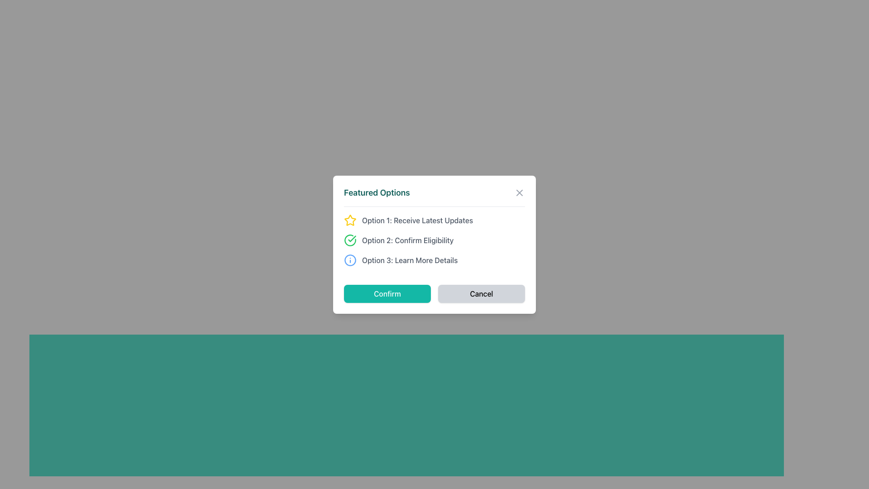 Image resolution: width=869 pixels, height=489 pixels. What do you see at coordinates (434, 260) in the screenshot?
I see `the text label 'Option 3: Learn More Details' which is accompanied by an informational icon with a blue circular border` at bounding box center [434, 260].